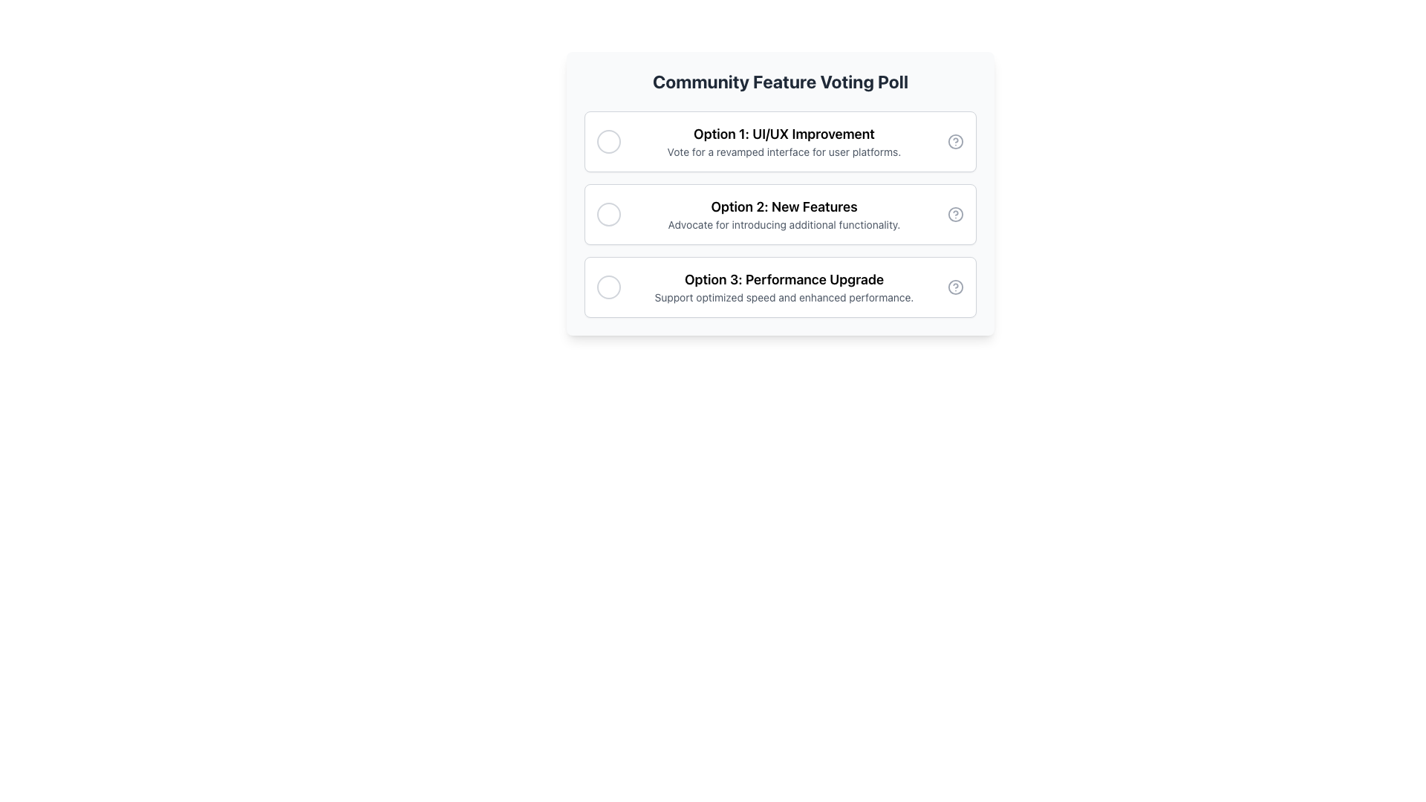 Image resolution: width=1426 pixels, height=802 pixels. I want to click on the text label reading 'Option 3: Performance Upgrade', which is styled with a bold font and is visually prominent within a vertical list of selectable options in a voting poll, so click(784, 280).